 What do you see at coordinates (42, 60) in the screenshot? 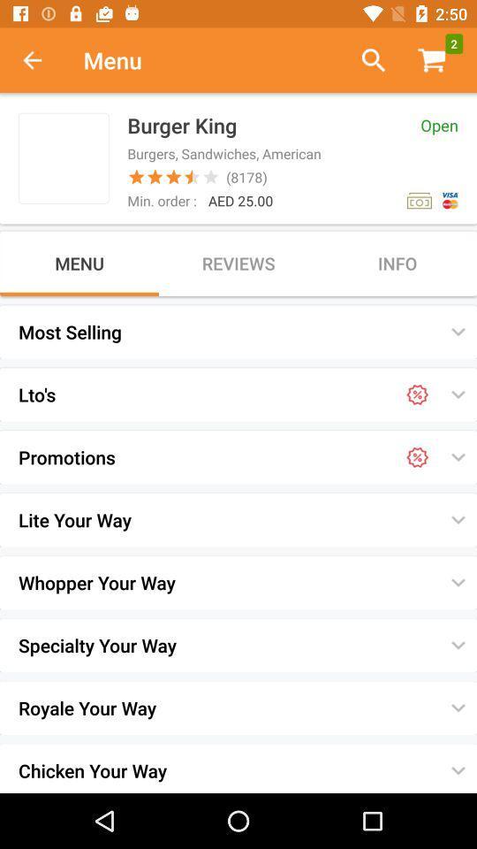
I see `come back` at bounding box center [42, 60].